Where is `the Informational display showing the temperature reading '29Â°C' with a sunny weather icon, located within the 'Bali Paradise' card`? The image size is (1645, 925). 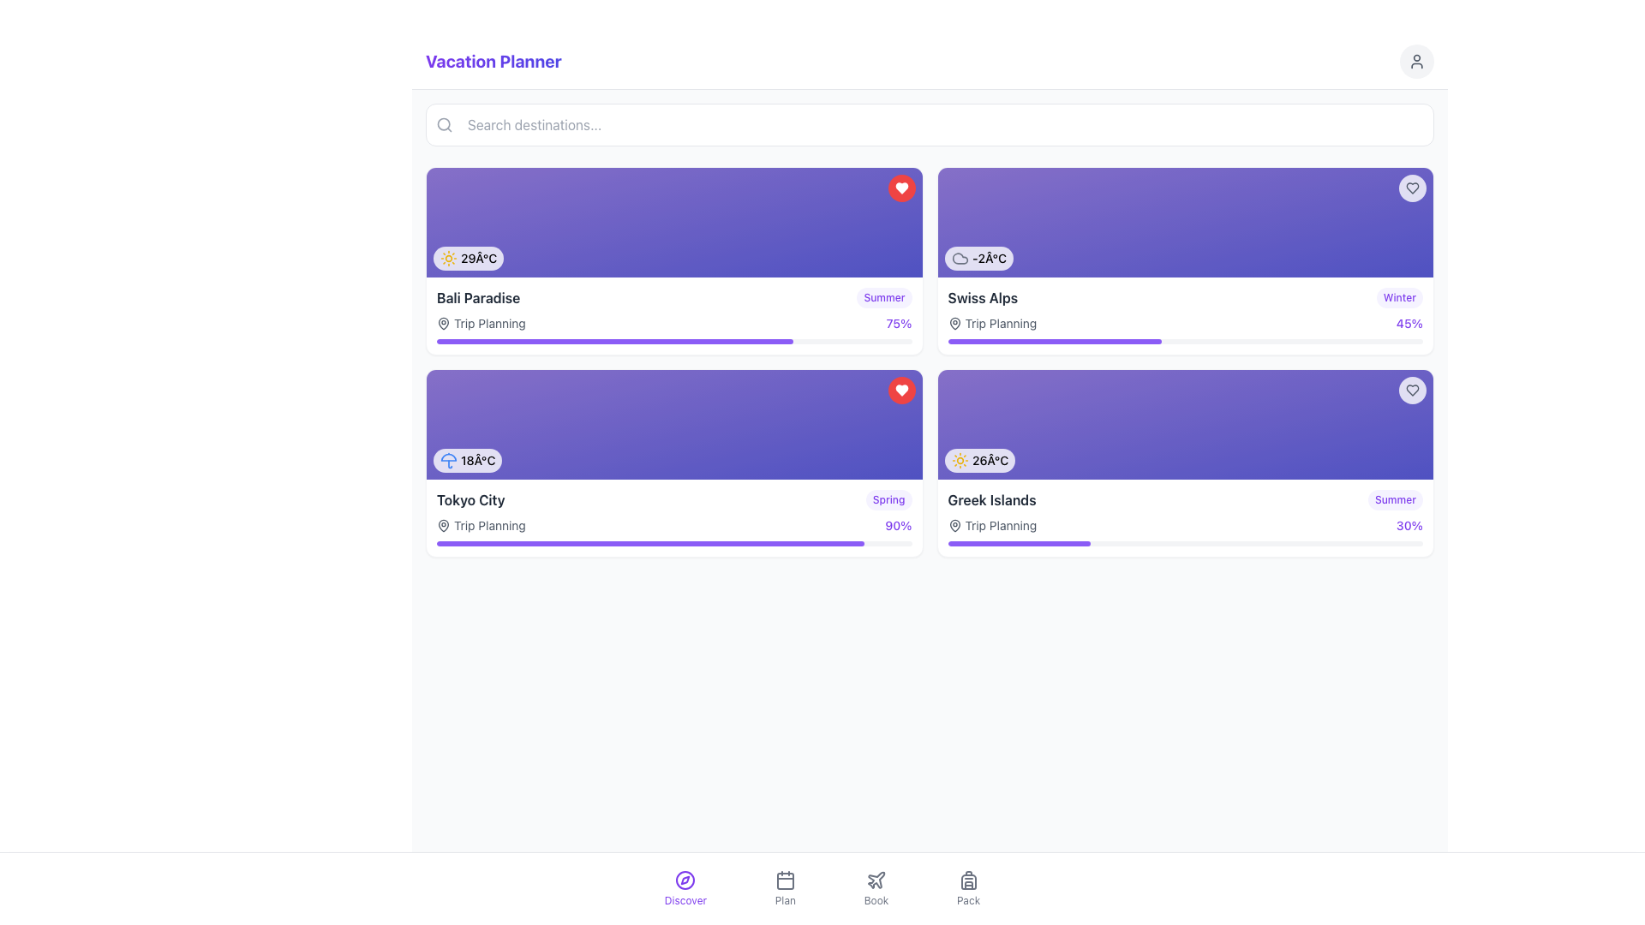 the Informational display showing the temperature reading '29Â°C' with a sunny weather icon, located within the 'Bali Paradise' card is located at coordinates (469, 258).